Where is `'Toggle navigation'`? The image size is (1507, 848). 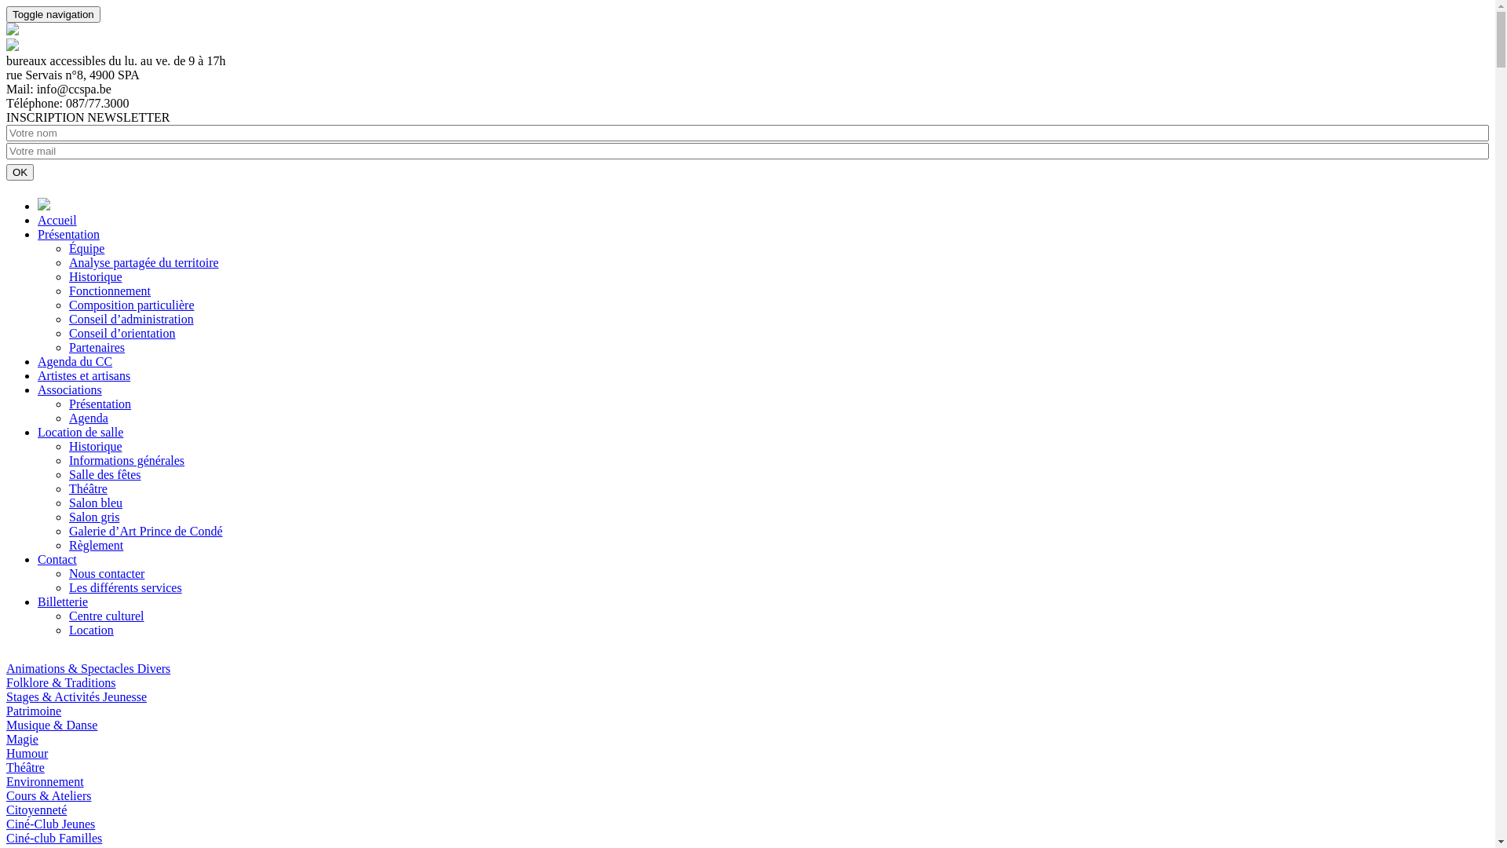 'Toggle navigation' is located at coordinates (53, 14).